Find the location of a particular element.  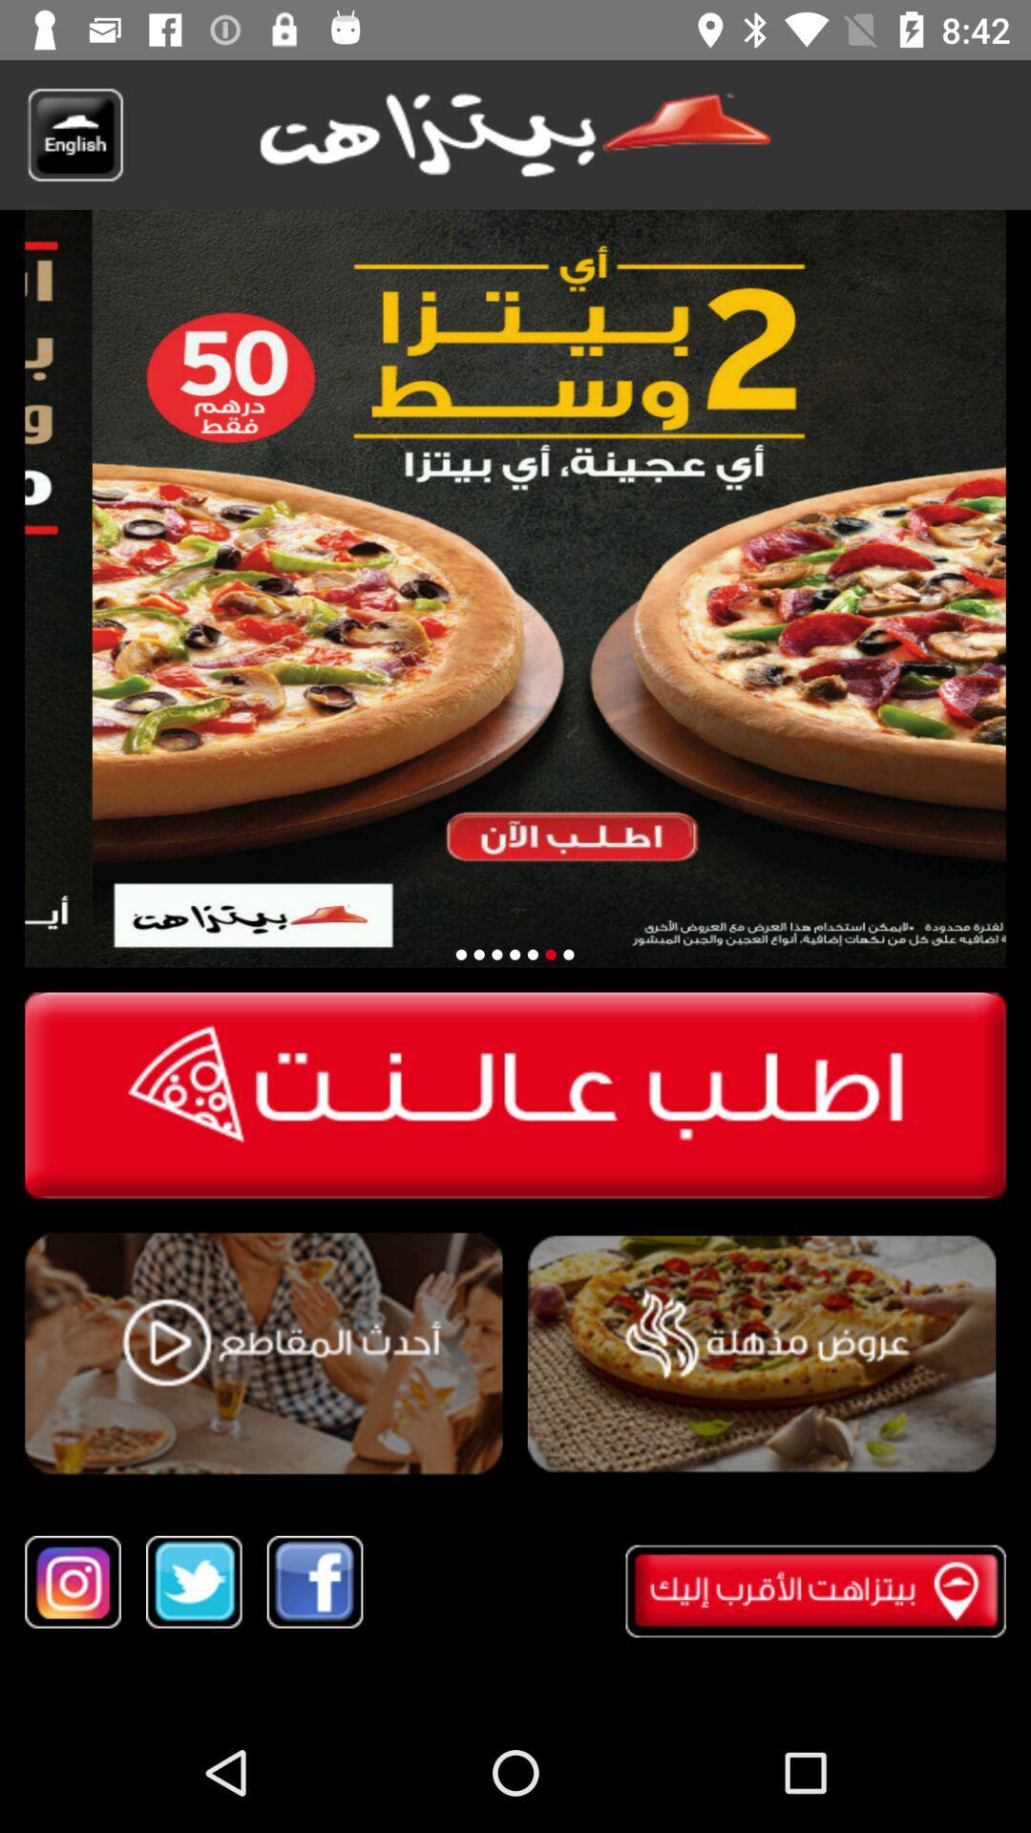

change language to english is located at coordinates (74, 134).